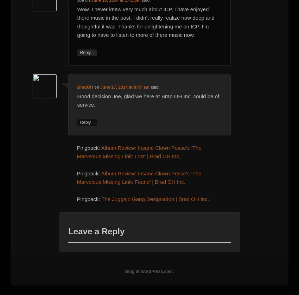 This screenshot has width=299, height=295. Describe the element at coordinates (146, 21) in the screenshot. I see `'Wow. I never knew very much about ICP, I have enjoyed there music in the past. I didn’t really realize how deep and thoughtful it was. Thanks for enlightening me on ICP. I’m going to have to listen to more of there music now.'` at that location.